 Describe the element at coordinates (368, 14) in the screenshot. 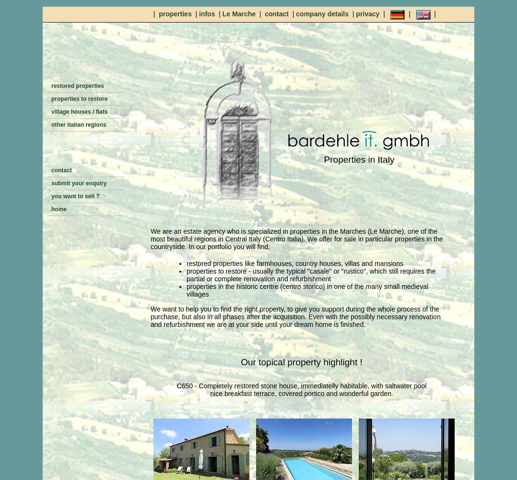

I see `'privacy'` at that location.